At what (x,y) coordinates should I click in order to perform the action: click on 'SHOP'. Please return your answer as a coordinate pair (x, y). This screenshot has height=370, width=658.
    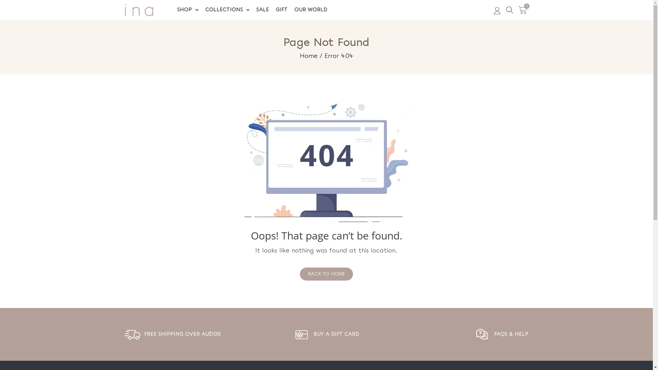
    Looking at the image, I should click on (187, 10).